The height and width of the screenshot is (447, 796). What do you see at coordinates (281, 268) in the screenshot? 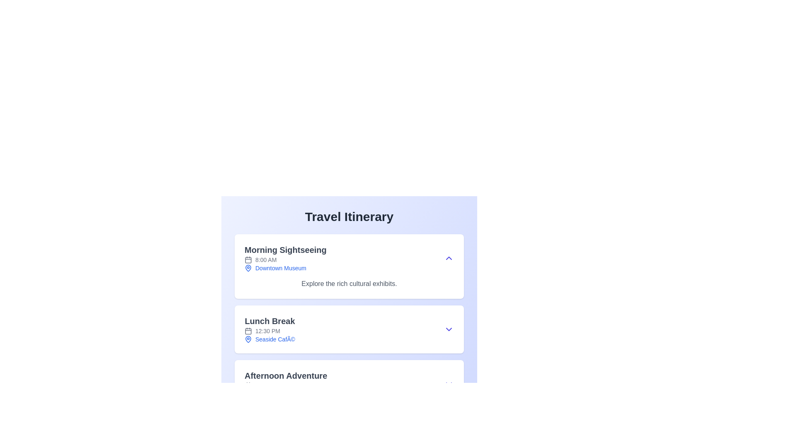
I see `text label indicating the location of the event or activity, specifically the label for 'Morning Sightseeing' located in the upper-middle part of the itinerary section` at bounding box center [281, 268].